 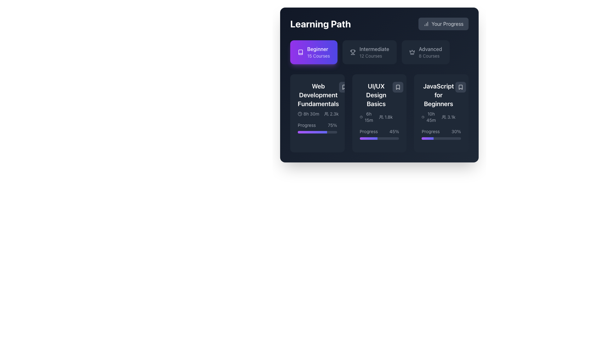 What do you see at coordinates (447, 138) in the screenshot?
I see `the progress value` at bounding box center [447, 138].